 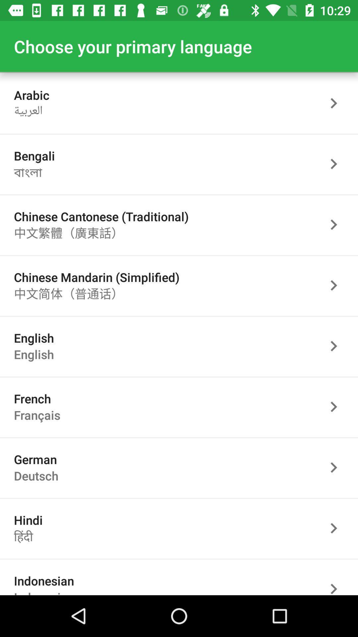 I want to click on the language, so click(x=337, y=406).